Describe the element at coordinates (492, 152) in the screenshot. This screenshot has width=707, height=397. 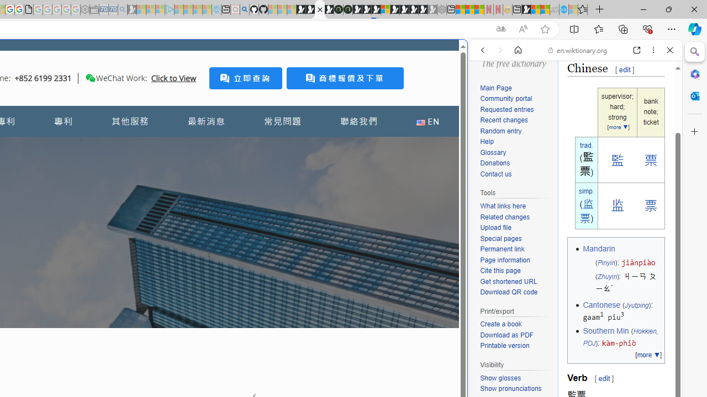
I see `'Glossary'` at that location.